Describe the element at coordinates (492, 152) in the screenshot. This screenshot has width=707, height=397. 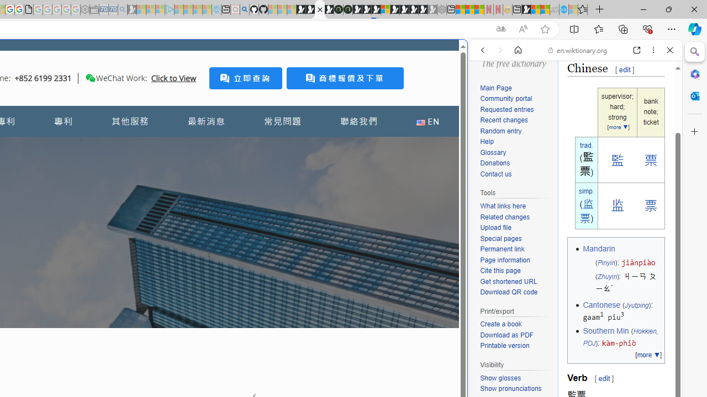
I see `'Glossary'` at that location.